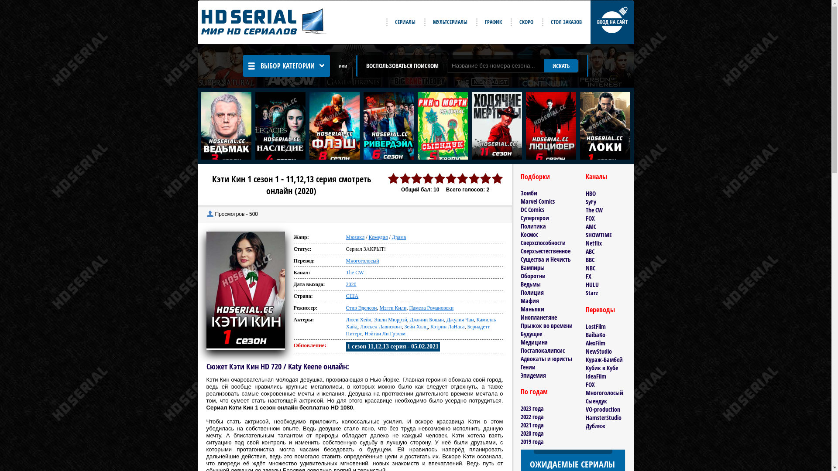 The width and height of the screenshot is (838, 471). I want to click on 'HBO', so click(591, 193).